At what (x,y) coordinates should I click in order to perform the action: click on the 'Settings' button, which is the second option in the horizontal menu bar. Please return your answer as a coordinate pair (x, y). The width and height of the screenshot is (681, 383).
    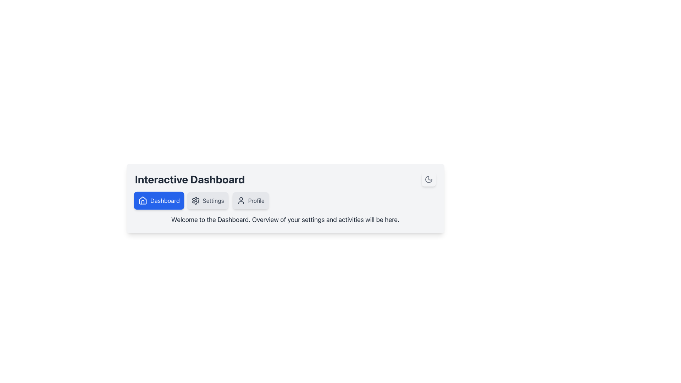
    Looking at the image, I should click on (207, 201).